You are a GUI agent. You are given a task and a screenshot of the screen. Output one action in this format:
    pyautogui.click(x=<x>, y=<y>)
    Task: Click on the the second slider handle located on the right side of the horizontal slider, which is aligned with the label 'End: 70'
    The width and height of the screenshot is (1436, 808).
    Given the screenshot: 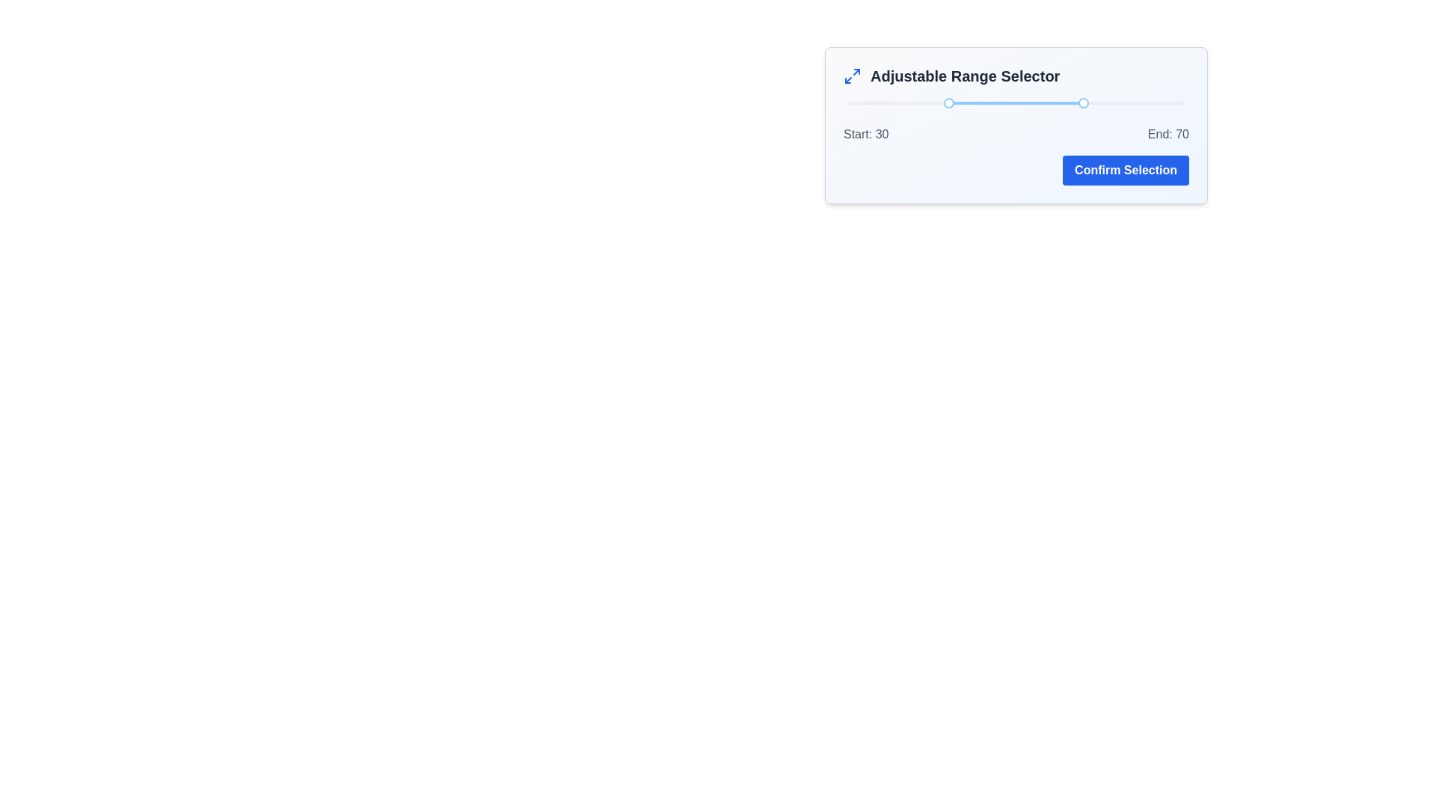 What is the action you would take?
    pyautogui.click(x=1084, y=102)
    